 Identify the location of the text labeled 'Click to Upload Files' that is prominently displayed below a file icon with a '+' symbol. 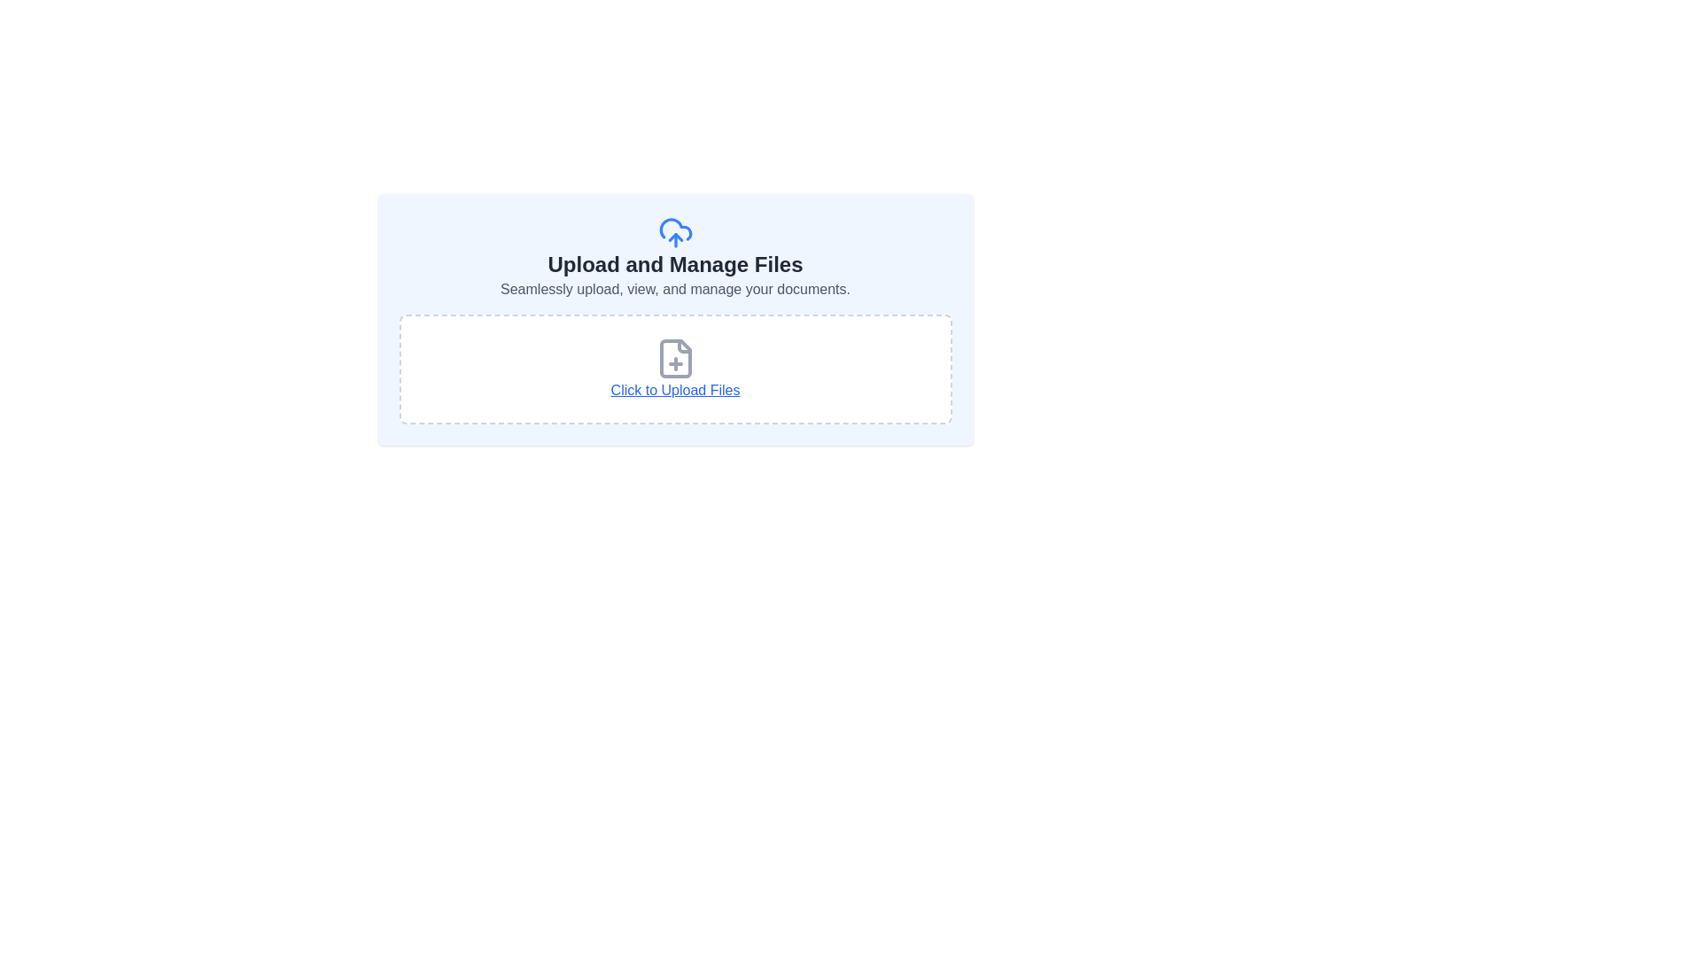
(674, 368).